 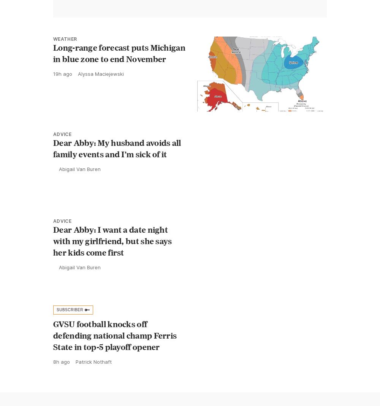 What do you see at coordinates (65, 38) in the screenshot?
I see `'Weather'` at bounding box center [65, 38].